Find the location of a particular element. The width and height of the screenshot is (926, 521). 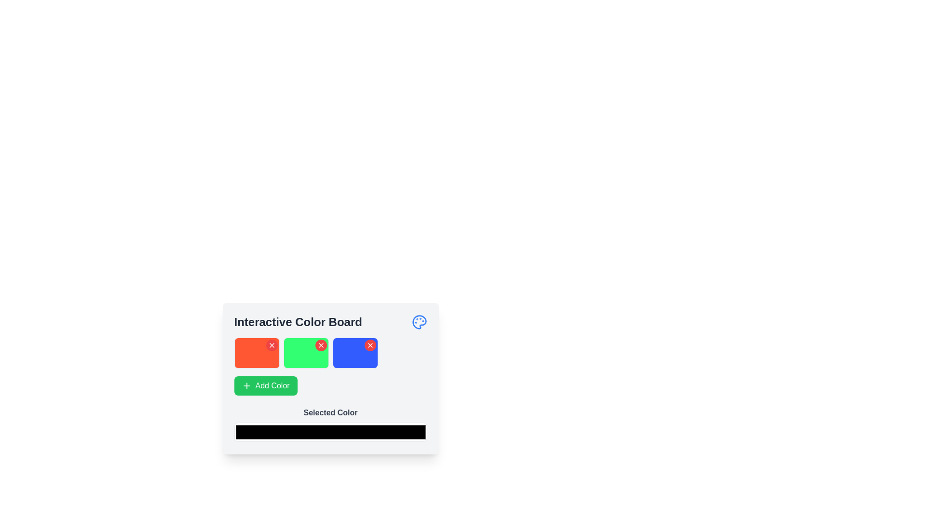

the color represented by the second tile in the grid of color tiles on the 'Interactive Color Board' by clicking on it is located at coordinates (305, 353).